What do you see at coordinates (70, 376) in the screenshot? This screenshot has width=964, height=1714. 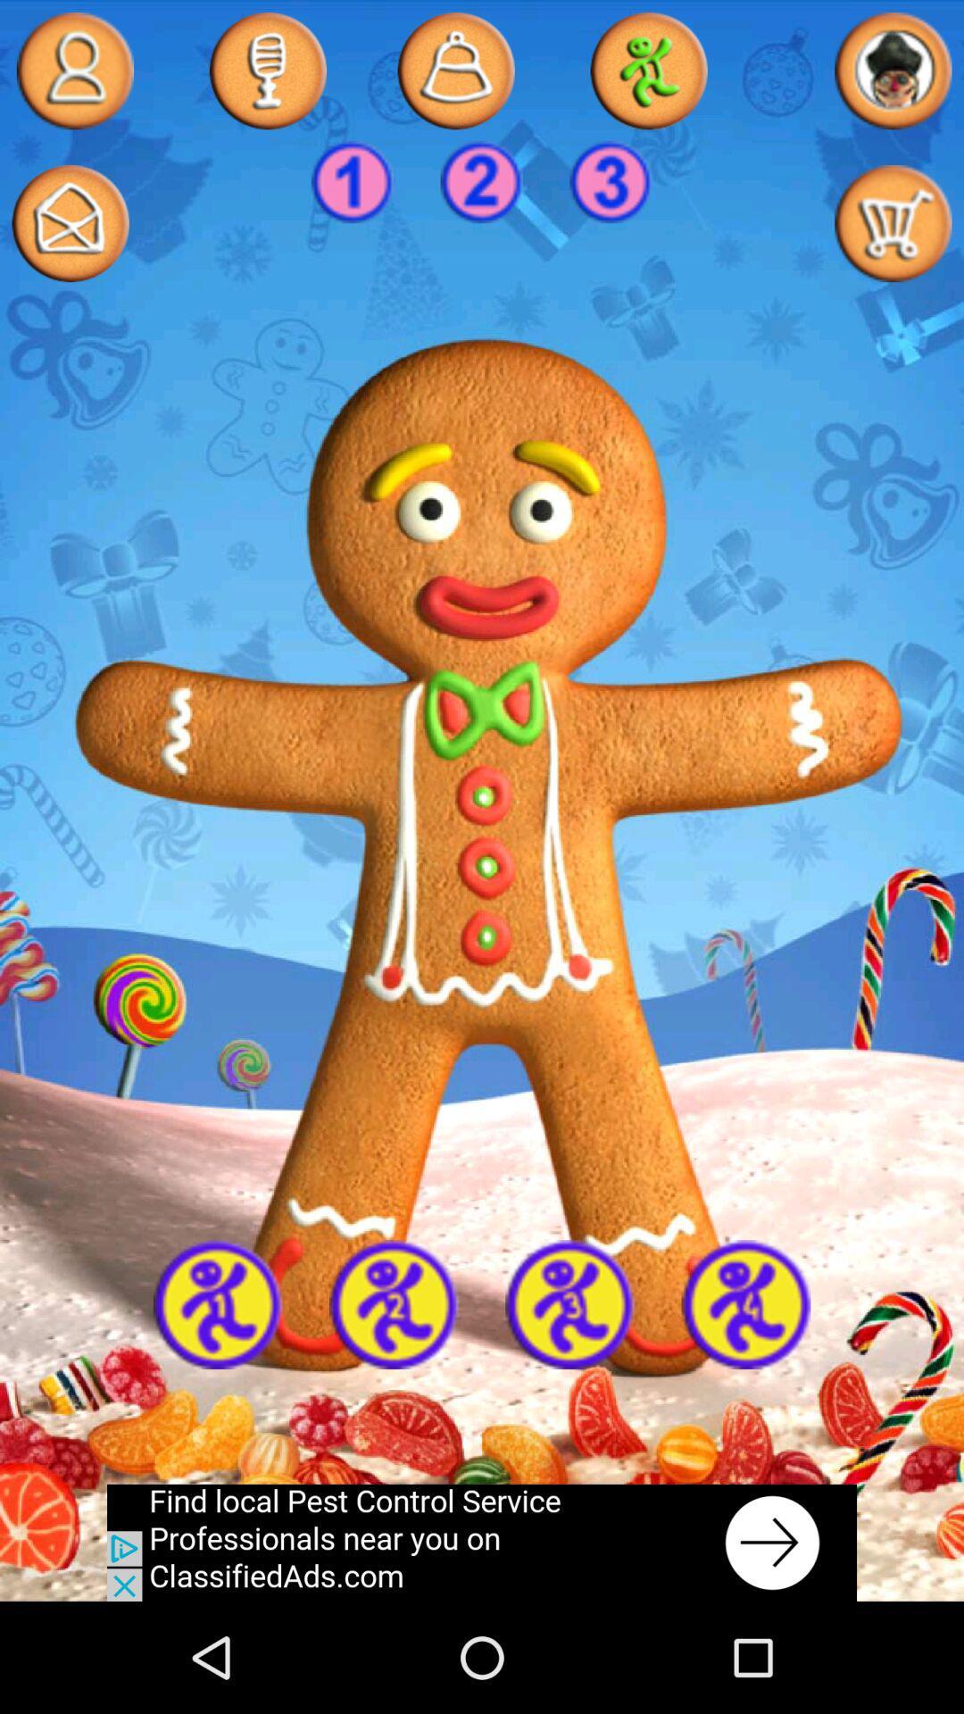 I see `the avatar icon` at bounding box center [70, 376].